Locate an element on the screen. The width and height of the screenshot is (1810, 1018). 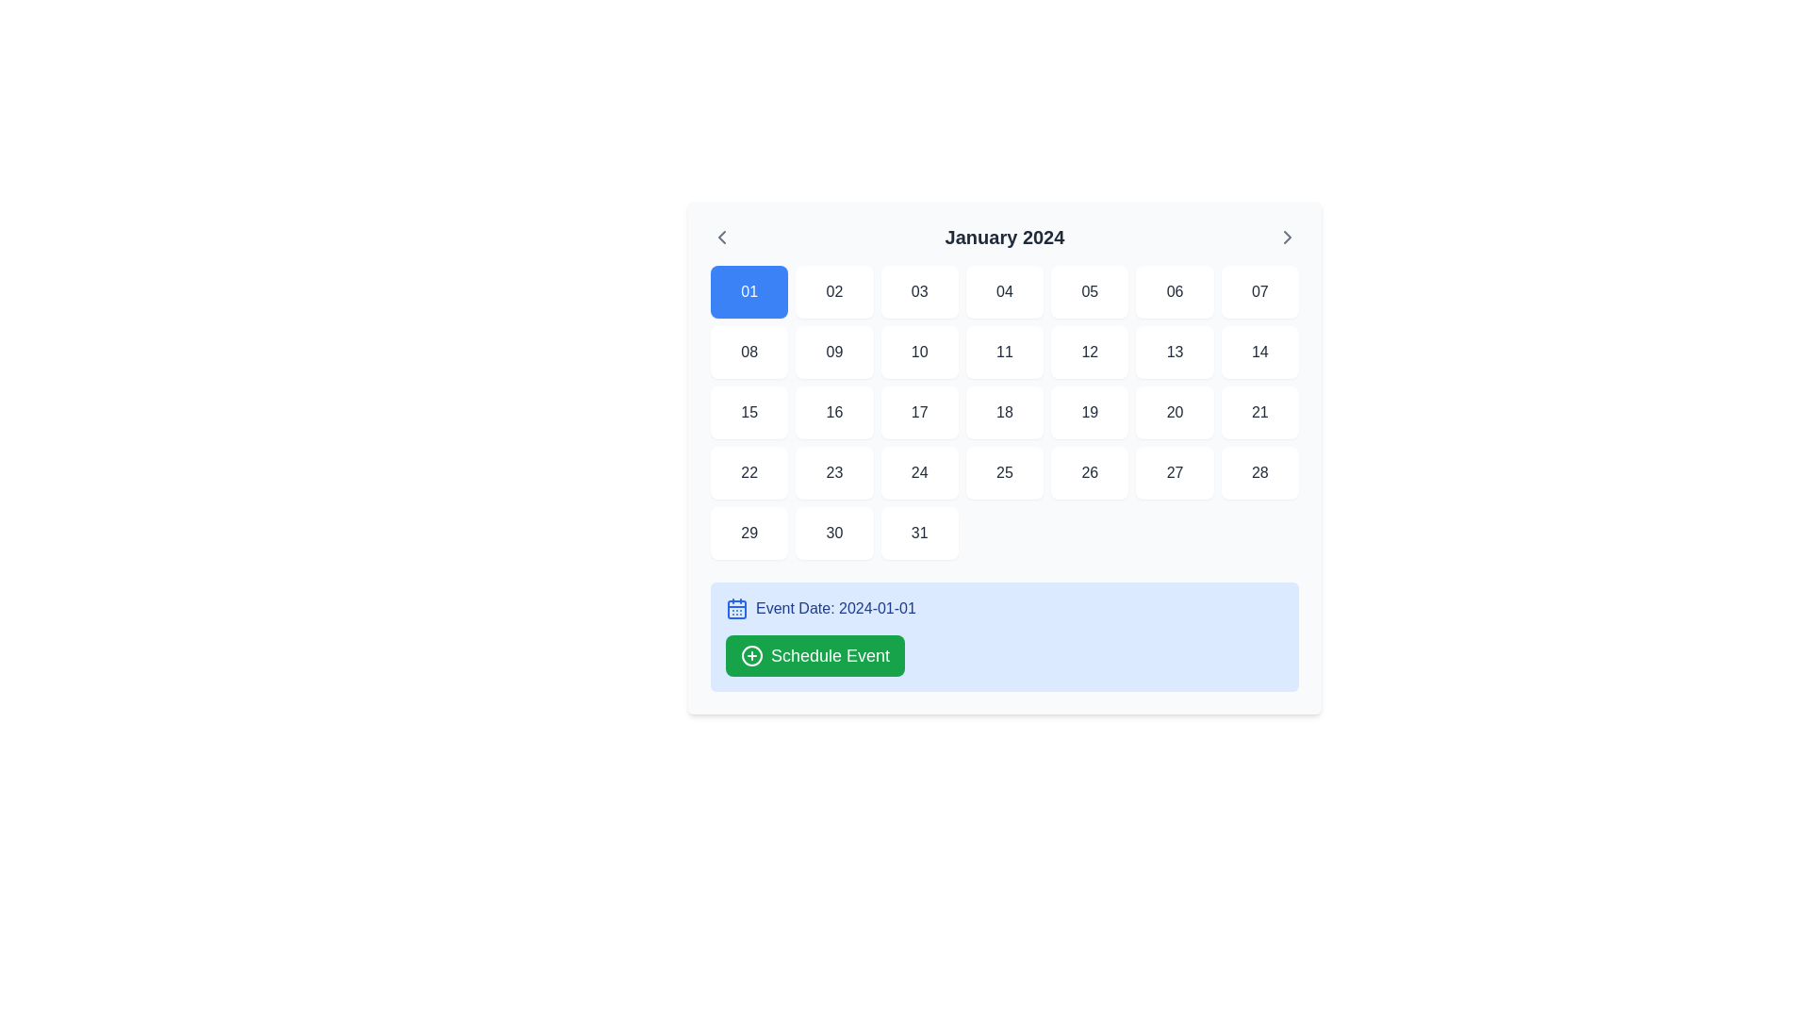
the button displaying '21' in the calendar grid is located at coordinates (1259, 412).